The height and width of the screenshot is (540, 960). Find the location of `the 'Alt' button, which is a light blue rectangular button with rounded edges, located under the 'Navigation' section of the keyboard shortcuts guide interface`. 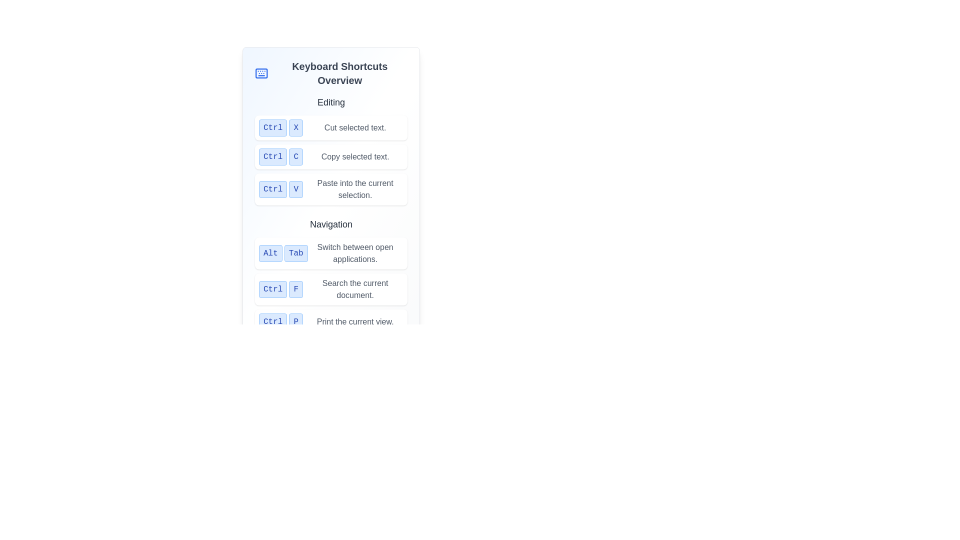

the 'Alt' button, which is a light blue rectangular button with rounded edges, located under the 'Navigation' section of the keyboard shortcuts guide interface is located at coordinates (270, 252).